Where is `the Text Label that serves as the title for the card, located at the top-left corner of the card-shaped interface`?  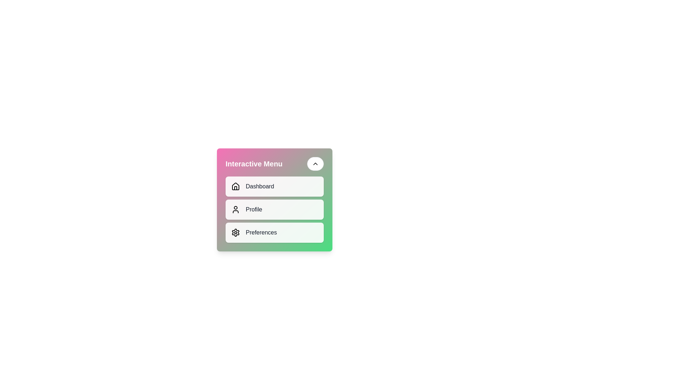
the Text Label that serves as the title for the card, located at the top-left corner of the card-shaped interface is located at coordinates (254, 164).